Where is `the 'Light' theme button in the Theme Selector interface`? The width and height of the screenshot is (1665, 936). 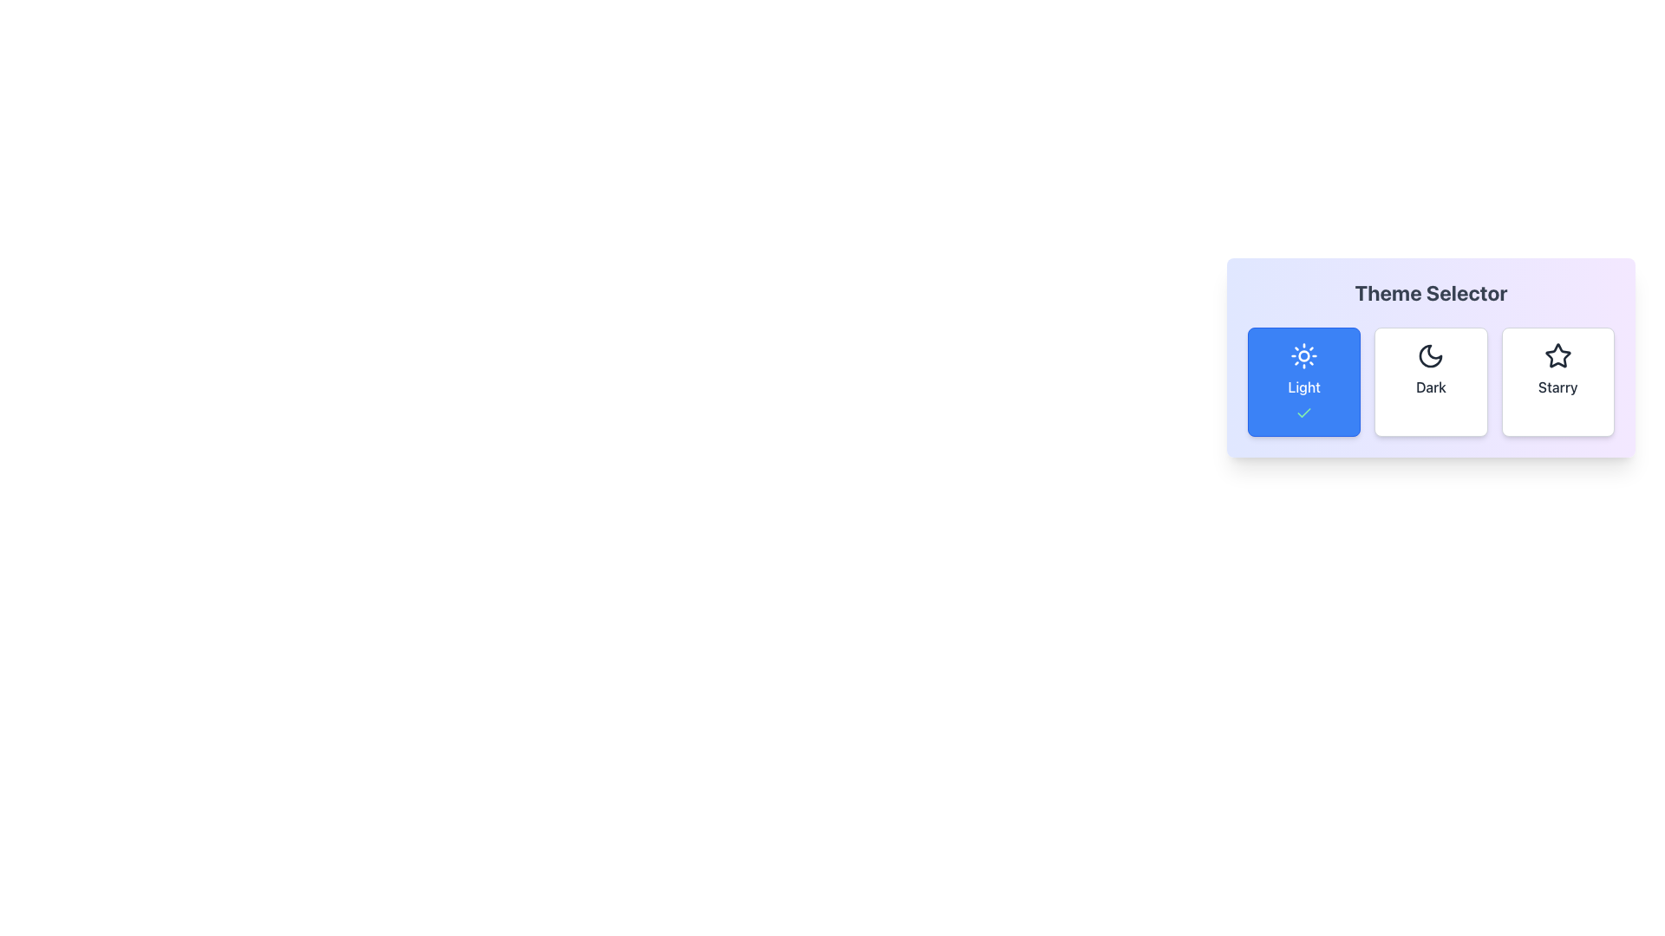 the 'Light' theme button in the Theme Selector interface is located at coordinates (1304, 380).